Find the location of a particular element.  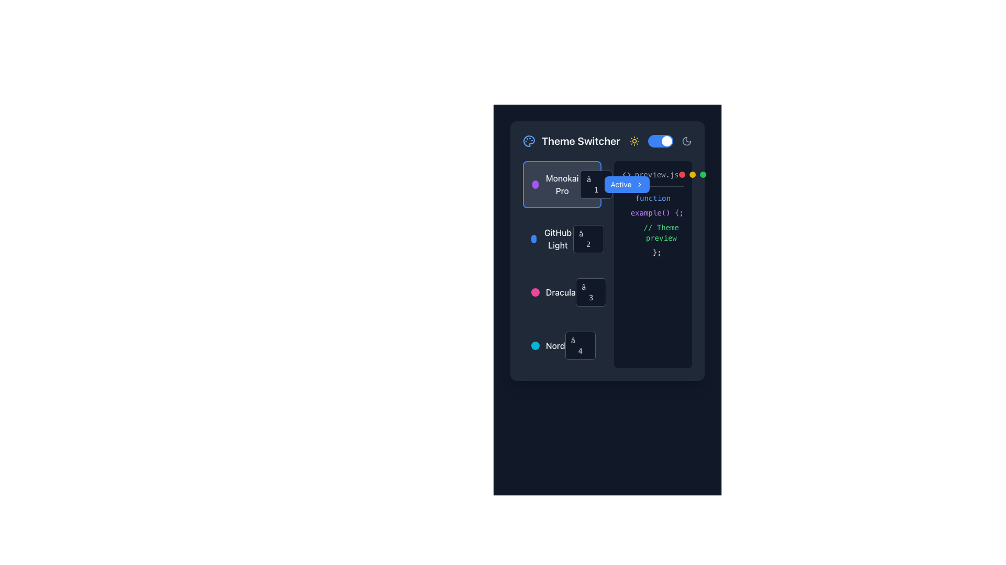

the static text element displaying the filename in the upper-right corner of the dark-themed code preview box is located at coordinates (652, 177).